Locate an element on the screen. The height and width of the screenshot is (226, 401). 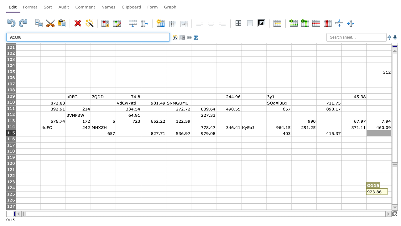
B126 is located at coordinates (53, 200).